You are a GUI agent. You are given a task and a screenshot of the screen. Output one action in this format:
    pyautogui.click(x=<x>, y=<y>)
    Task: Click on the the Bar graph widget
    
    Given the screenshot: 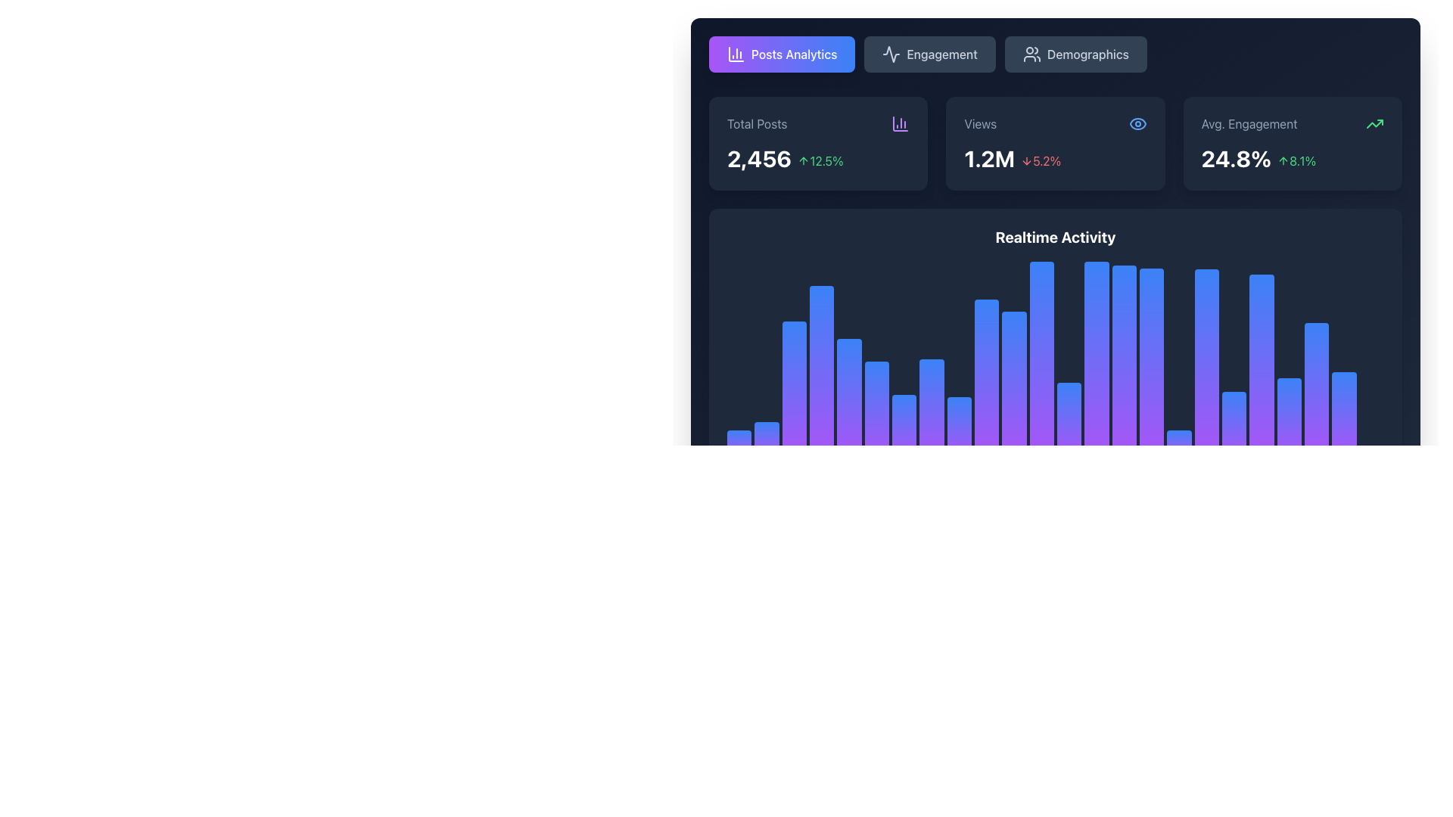 What is the action you would take?
    pyautogui.click(x=1055, y=356)
    